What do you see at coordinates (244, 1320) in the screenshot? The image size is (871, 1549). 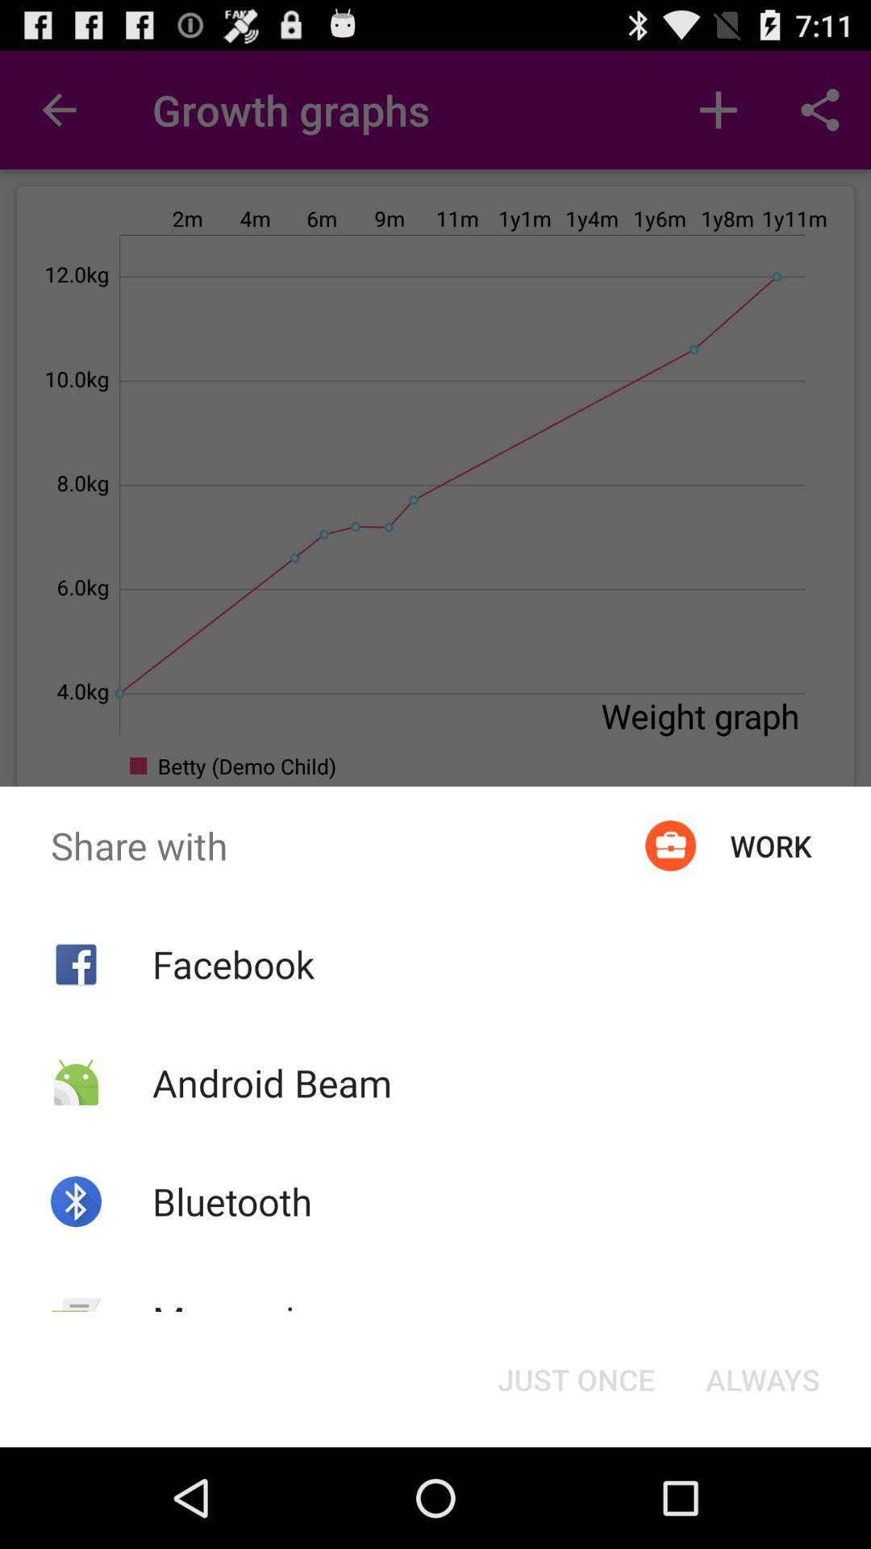 I see `icon below the bluetooth app` at bounding box center [244, 1320].